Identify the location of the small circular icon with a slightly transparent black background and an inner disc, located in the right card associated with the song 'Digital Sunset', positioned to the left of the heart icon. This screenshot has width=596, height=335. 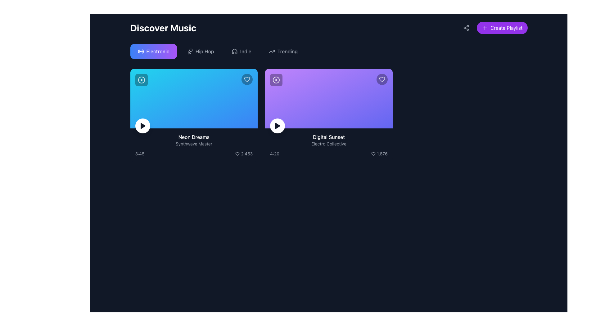
(276, 80).